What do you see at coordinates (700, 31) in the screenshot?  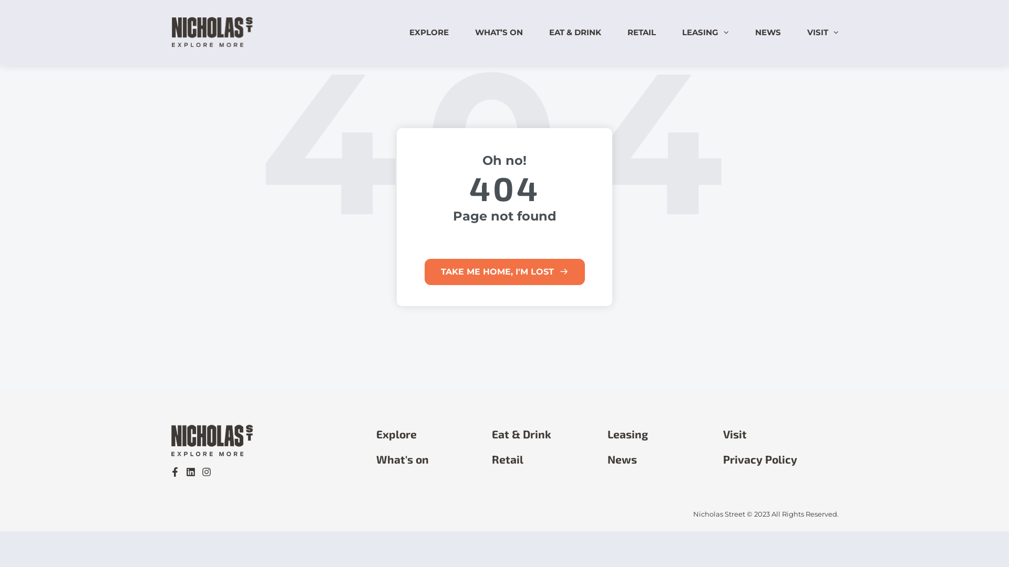 I see `'LEASING'` at bounding box center [700, 31].